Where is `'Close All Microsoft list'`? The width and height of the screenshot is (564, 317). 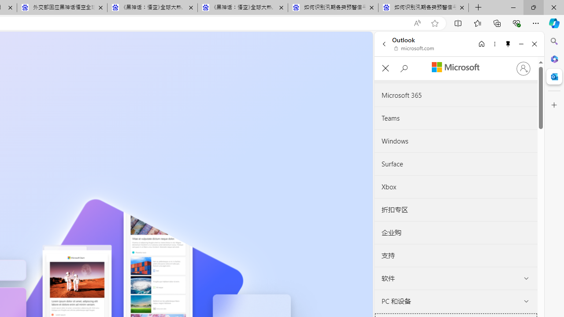 'Close All Microsoft list' is located at coordinates (385, 68).